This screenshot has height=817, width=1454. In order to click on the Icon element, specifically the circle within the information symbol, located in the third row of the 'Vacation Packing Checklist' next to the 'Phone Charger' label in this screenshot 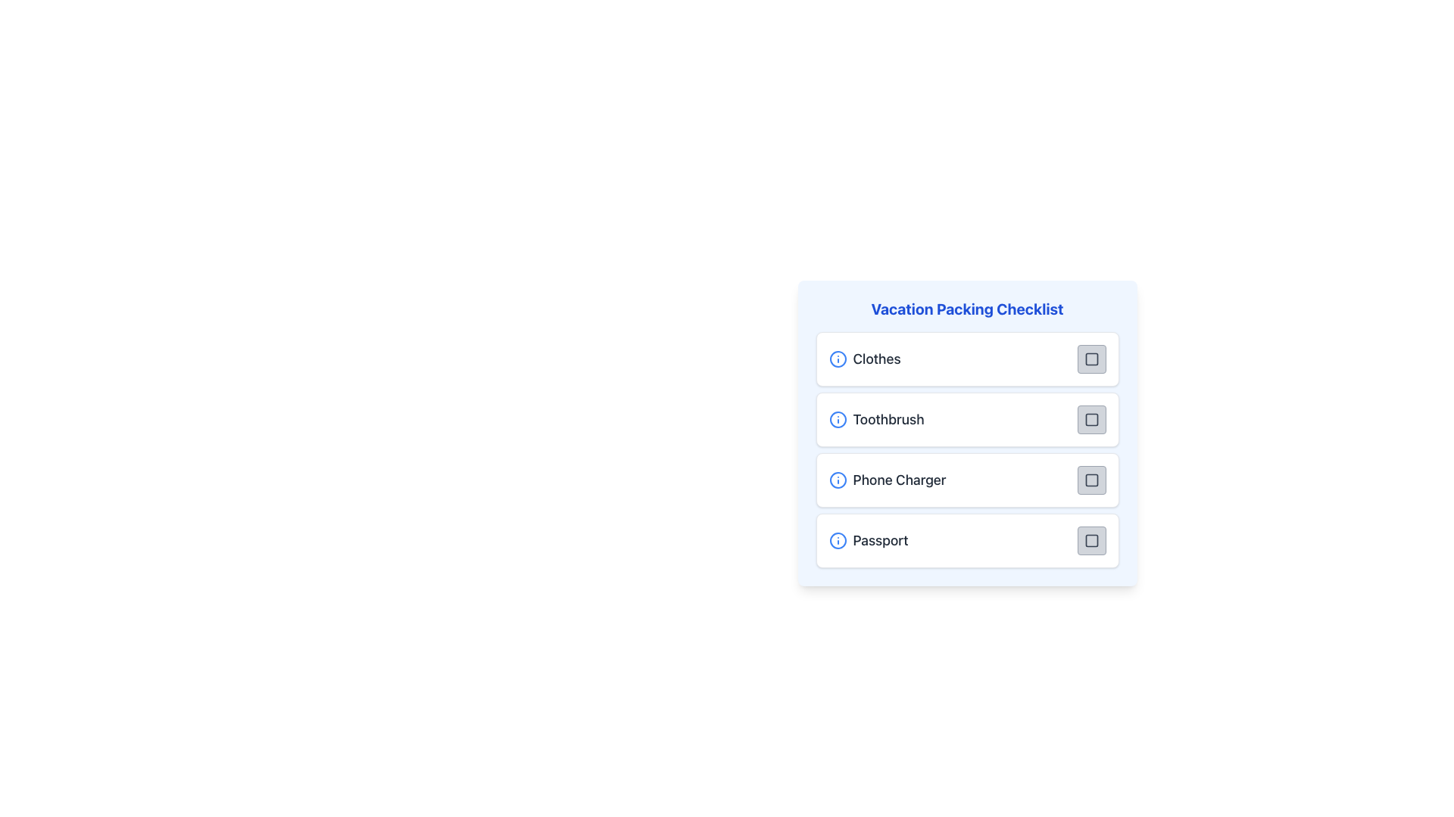, I will do `click(837, 480)`.